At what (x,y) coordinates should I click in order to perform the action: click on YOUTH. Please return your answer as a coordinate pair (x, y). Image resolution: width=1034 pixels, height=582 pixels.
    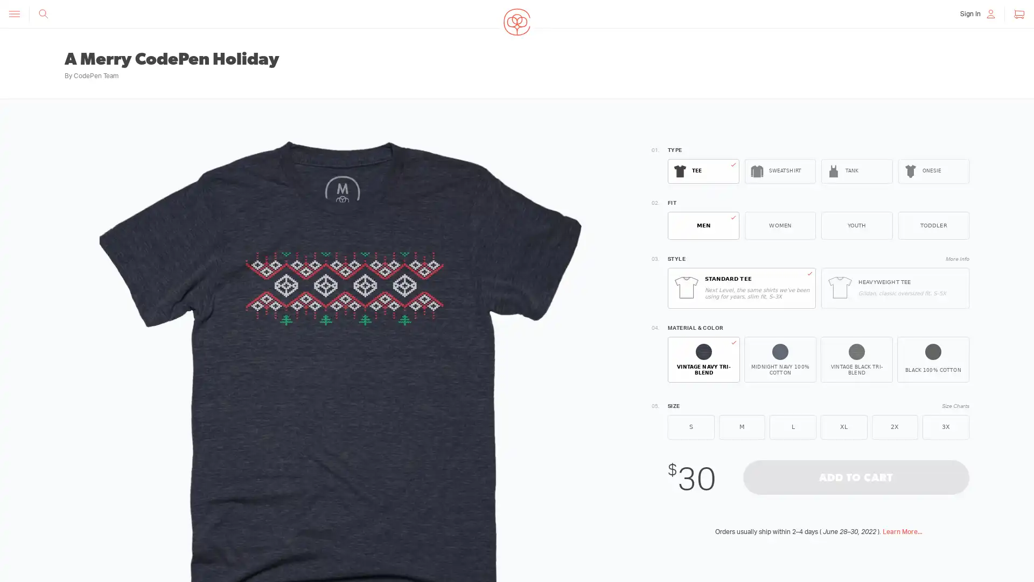
    Looking at the image, I should click on (856, 225).